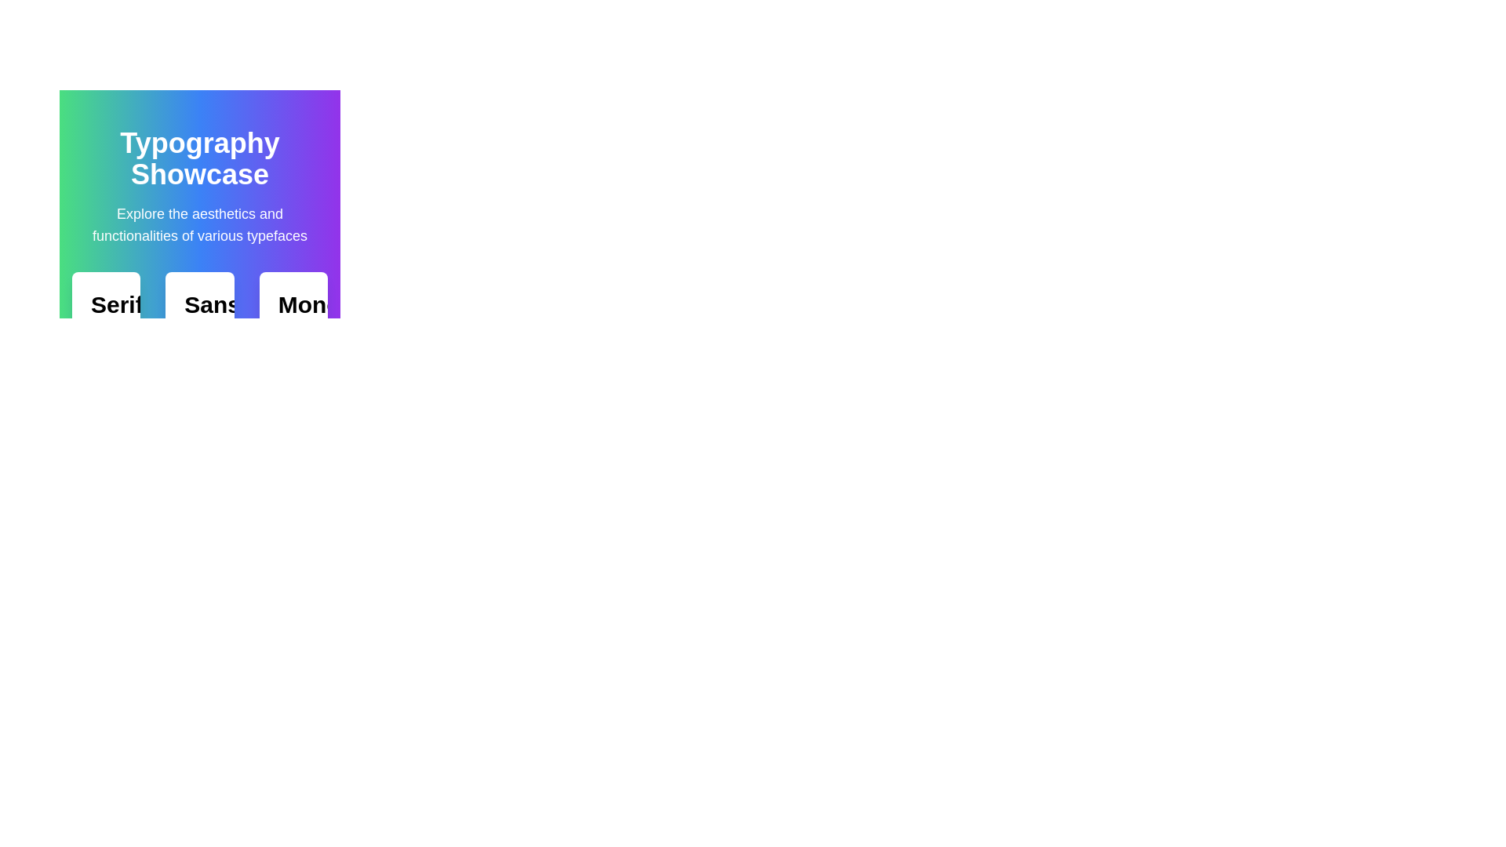 This screenshot has height=847, width=1506. I want to click on the toggle button that reveals or hides additional details, located centrally at the bottom of the layout with a light gray background, so click(198, 820).